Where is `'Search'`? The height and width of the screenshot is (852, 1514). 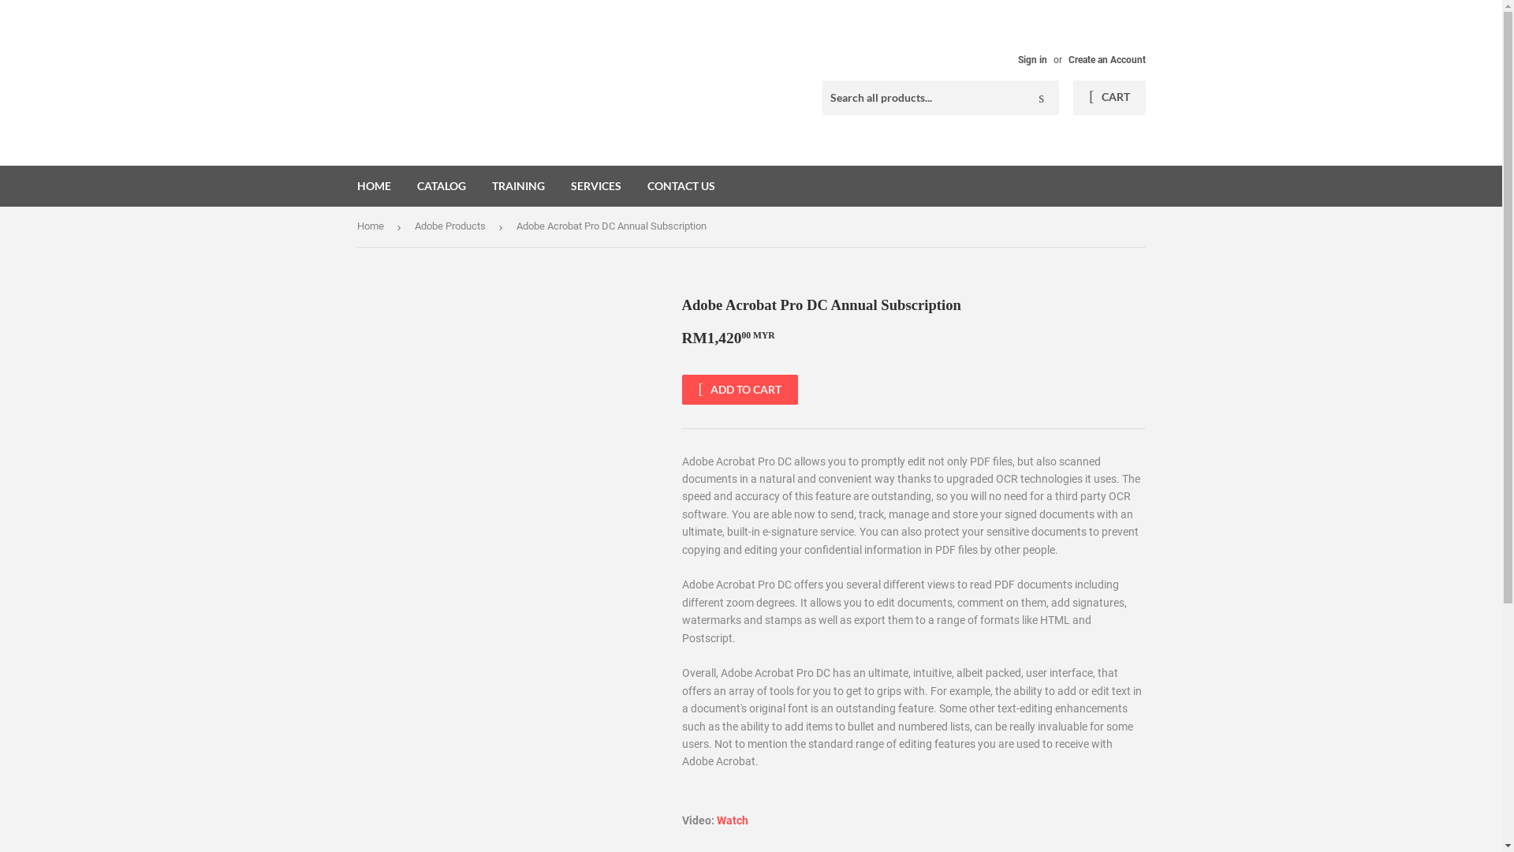 'Search' is located at coordinates (1041, 98).